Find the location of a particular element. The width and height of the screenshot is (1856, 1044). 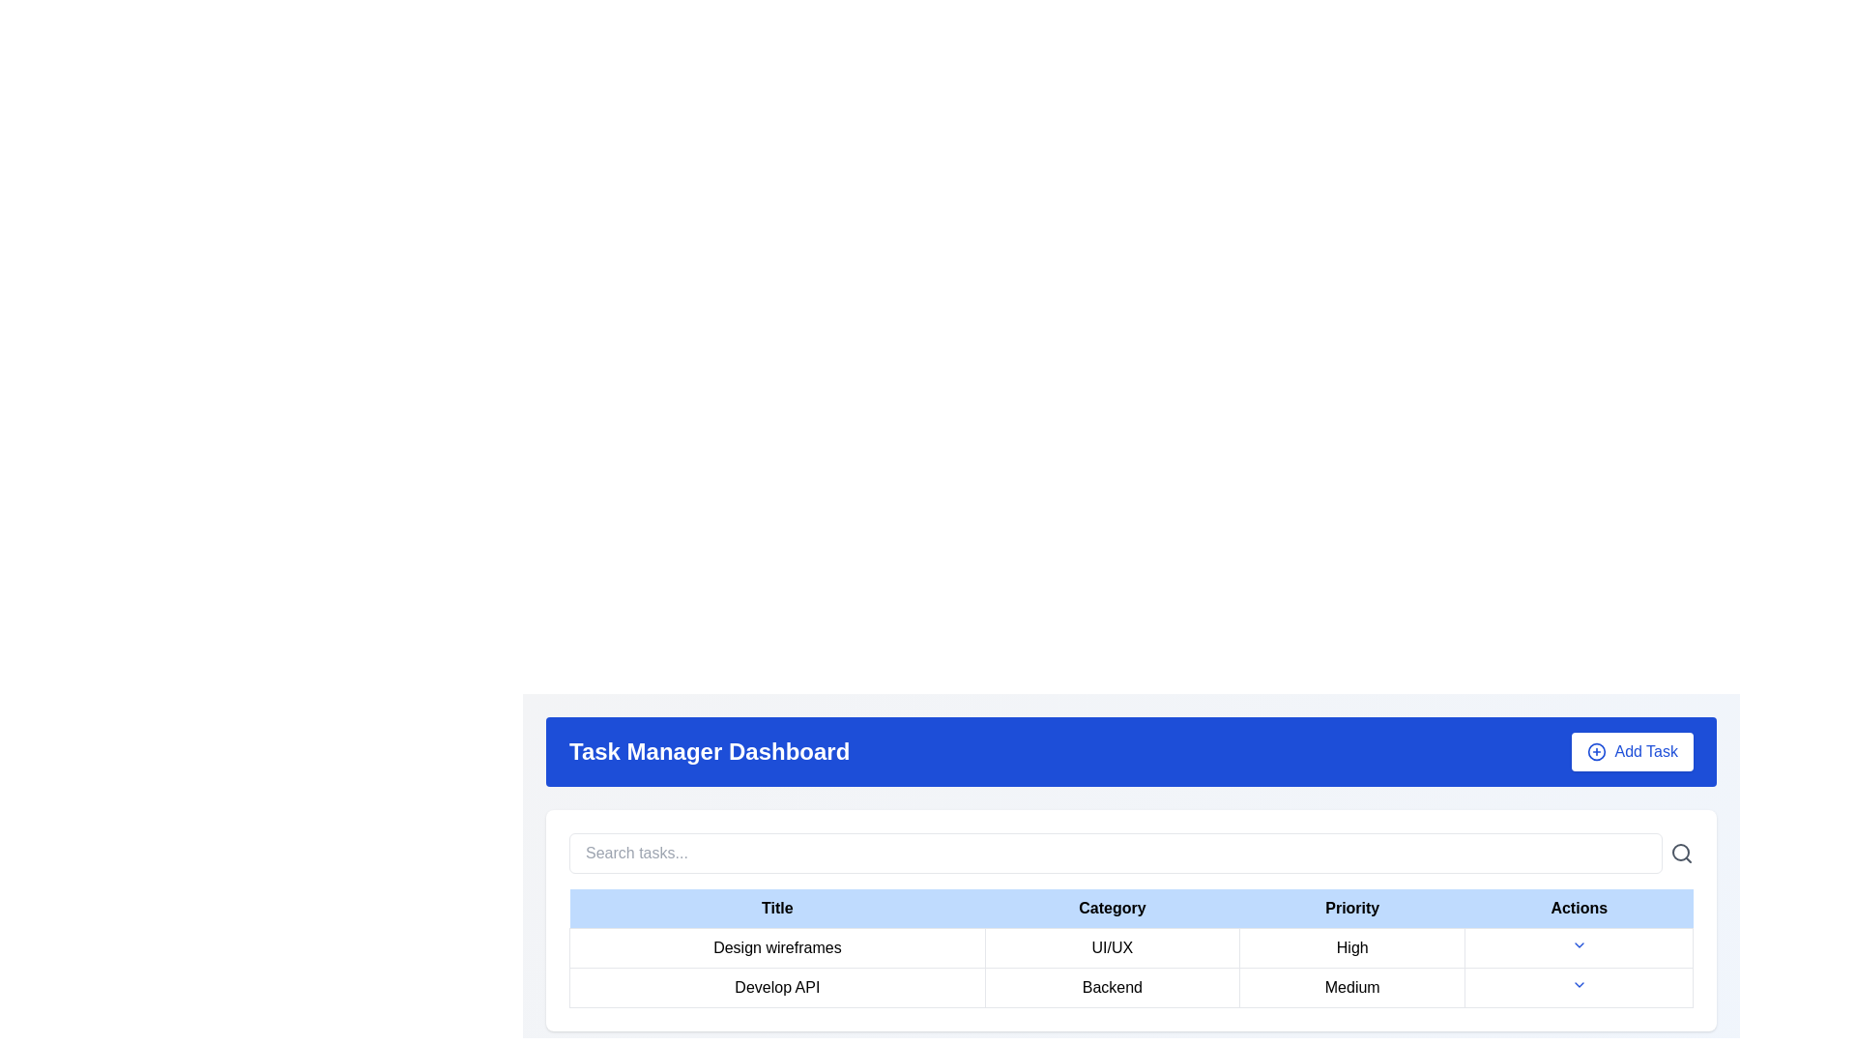

the small circular SVG element that is part of the search icon located in the top-right corner of the main content section, adjacent to the text input field for searching tasks is located at coordinates (1679, 852).